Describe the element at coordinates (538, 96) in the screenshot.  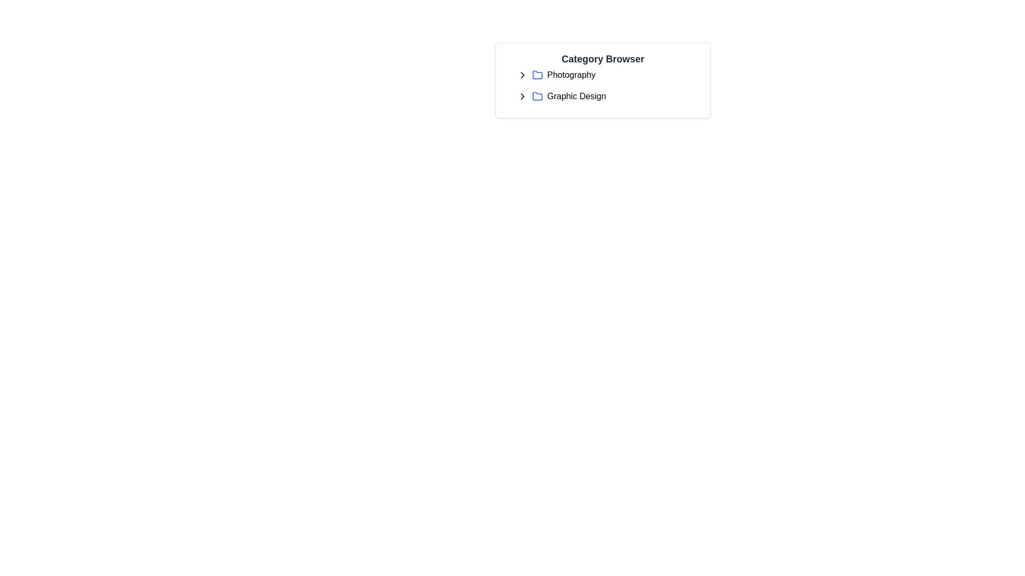
I see `the folder icon with a blue outline located next to the 'Graphic Design' category text in the second row of the list under the 'Category Browser' header` at that location.